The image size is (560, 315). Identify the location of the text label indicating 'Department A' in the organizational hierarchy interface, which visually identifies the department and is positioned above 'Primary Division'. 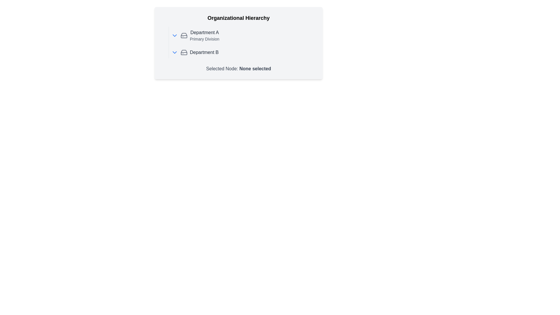
(204, 32).